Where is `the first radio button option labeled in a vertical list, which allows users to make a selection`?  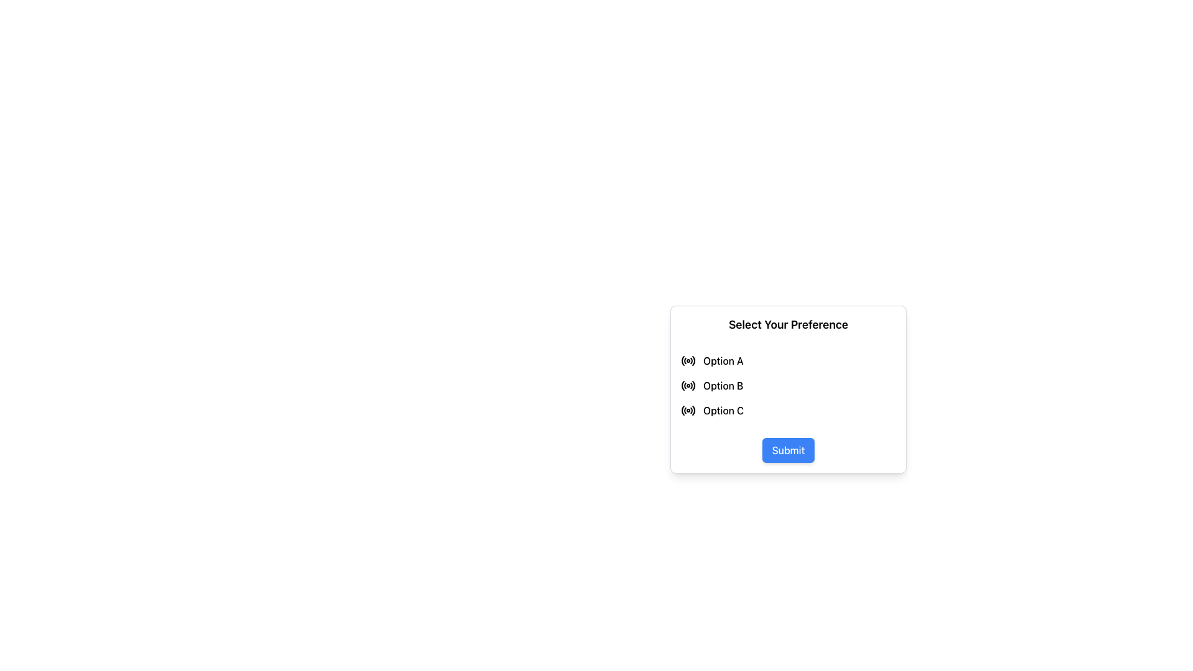
the first radio button option labeled in a vertical list, which allows users to make a selection is located at coordinates (787, 361).